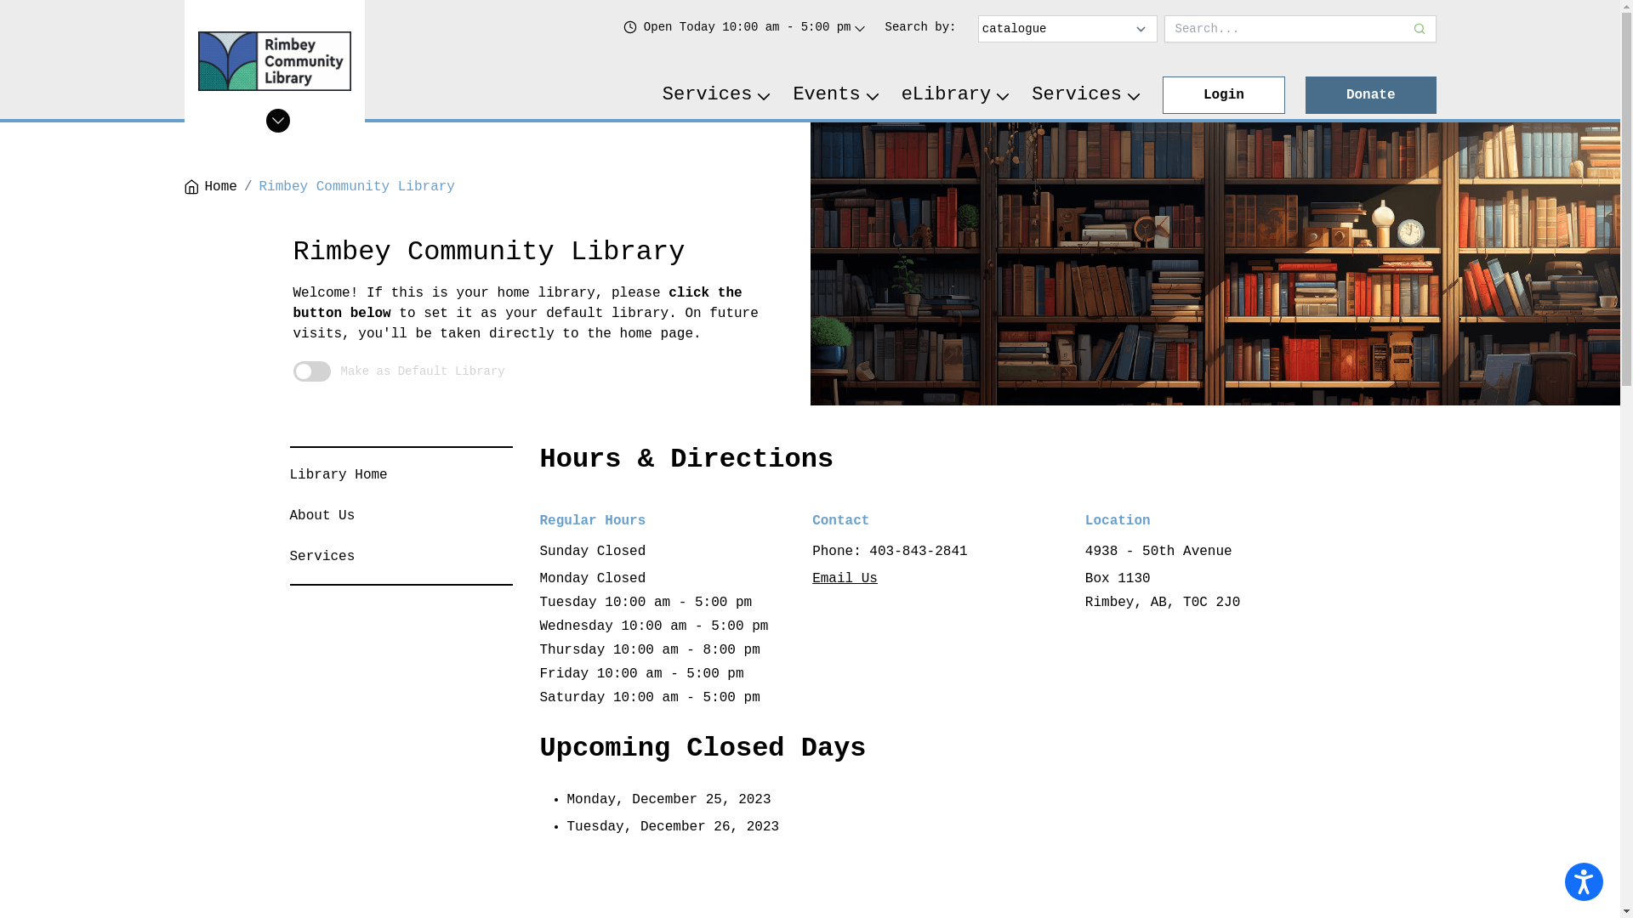 This screenshot has height=918, width=1633. Describe the element at coordinates (208, 186) in the screenshot. I see `'Home'` at that location.